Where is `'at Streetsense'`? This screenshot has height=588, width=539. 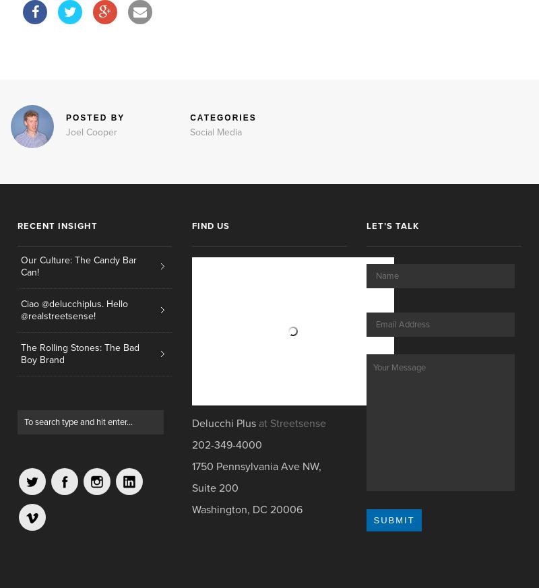 'at Streetsense' is located at coordinates (292, 423).